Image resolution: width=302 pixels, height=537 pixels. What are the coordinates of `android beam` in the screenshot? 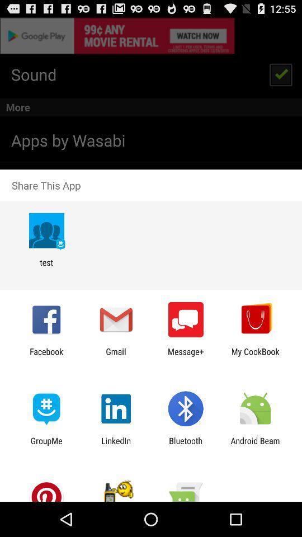 It's located at (255, 445).